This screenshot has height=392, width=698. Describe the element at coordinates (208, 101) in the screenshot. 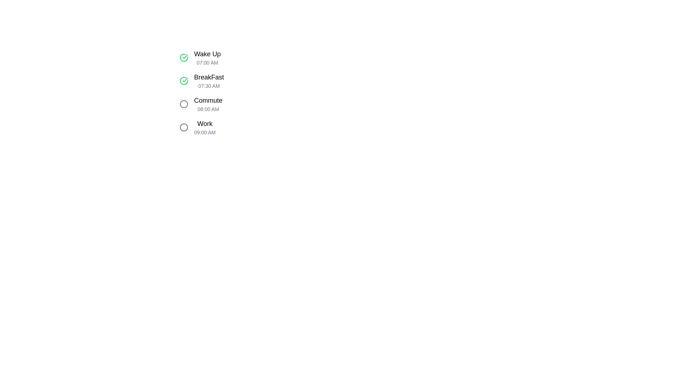

I see `the 'Commute' text label, which is styled with a medium-weight font and larger size, positioned below 'BreakFast' (07:30 AM) and above 'Work' (09:00 AM)` at that location.